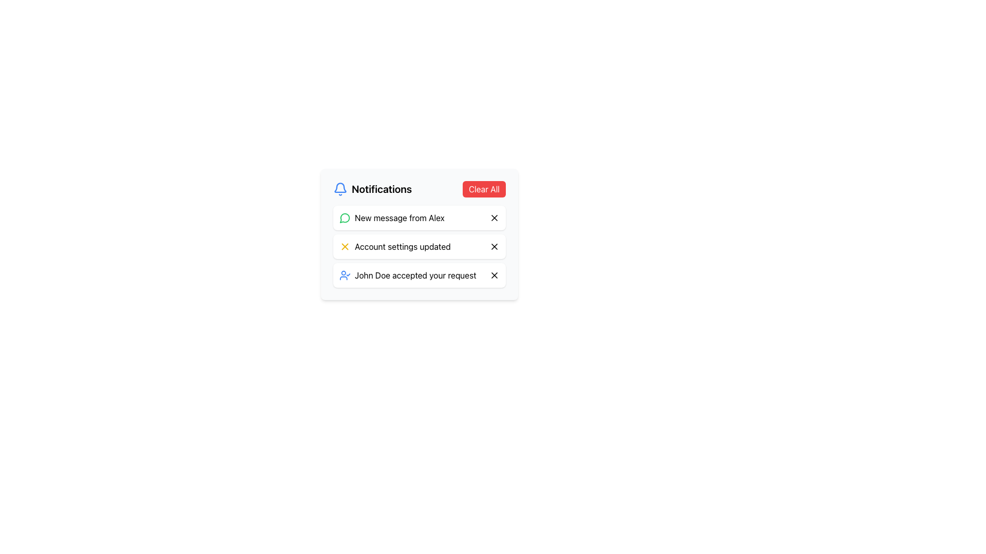 Image resolution: width=986 pixels, height=554 pixels. What do you see at coordinates (402, 247) in the screenshot?
I see `the second notification text label, which provides an update and is located between 'New message from Alex' and 'John Doe accepted your request'` at bounding box center [402, 247].